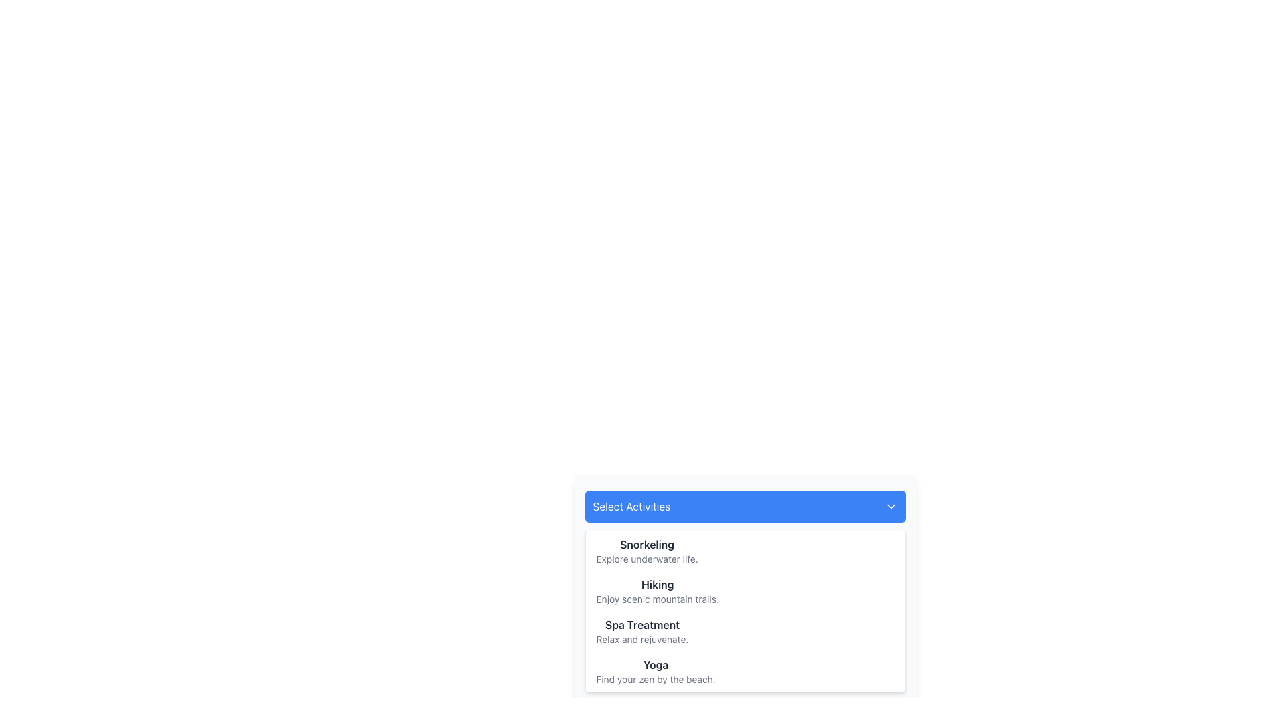 This screenshot has height=721, width=1283. What do you see at coordinates (658, 599) in the screenshot?
I see `the text label that reads 'Enjoy scenic mountain trails.', which is styled in a smaller gray font and positioned directly below the heading 'Hiking'` at bounding box center [658, 599].